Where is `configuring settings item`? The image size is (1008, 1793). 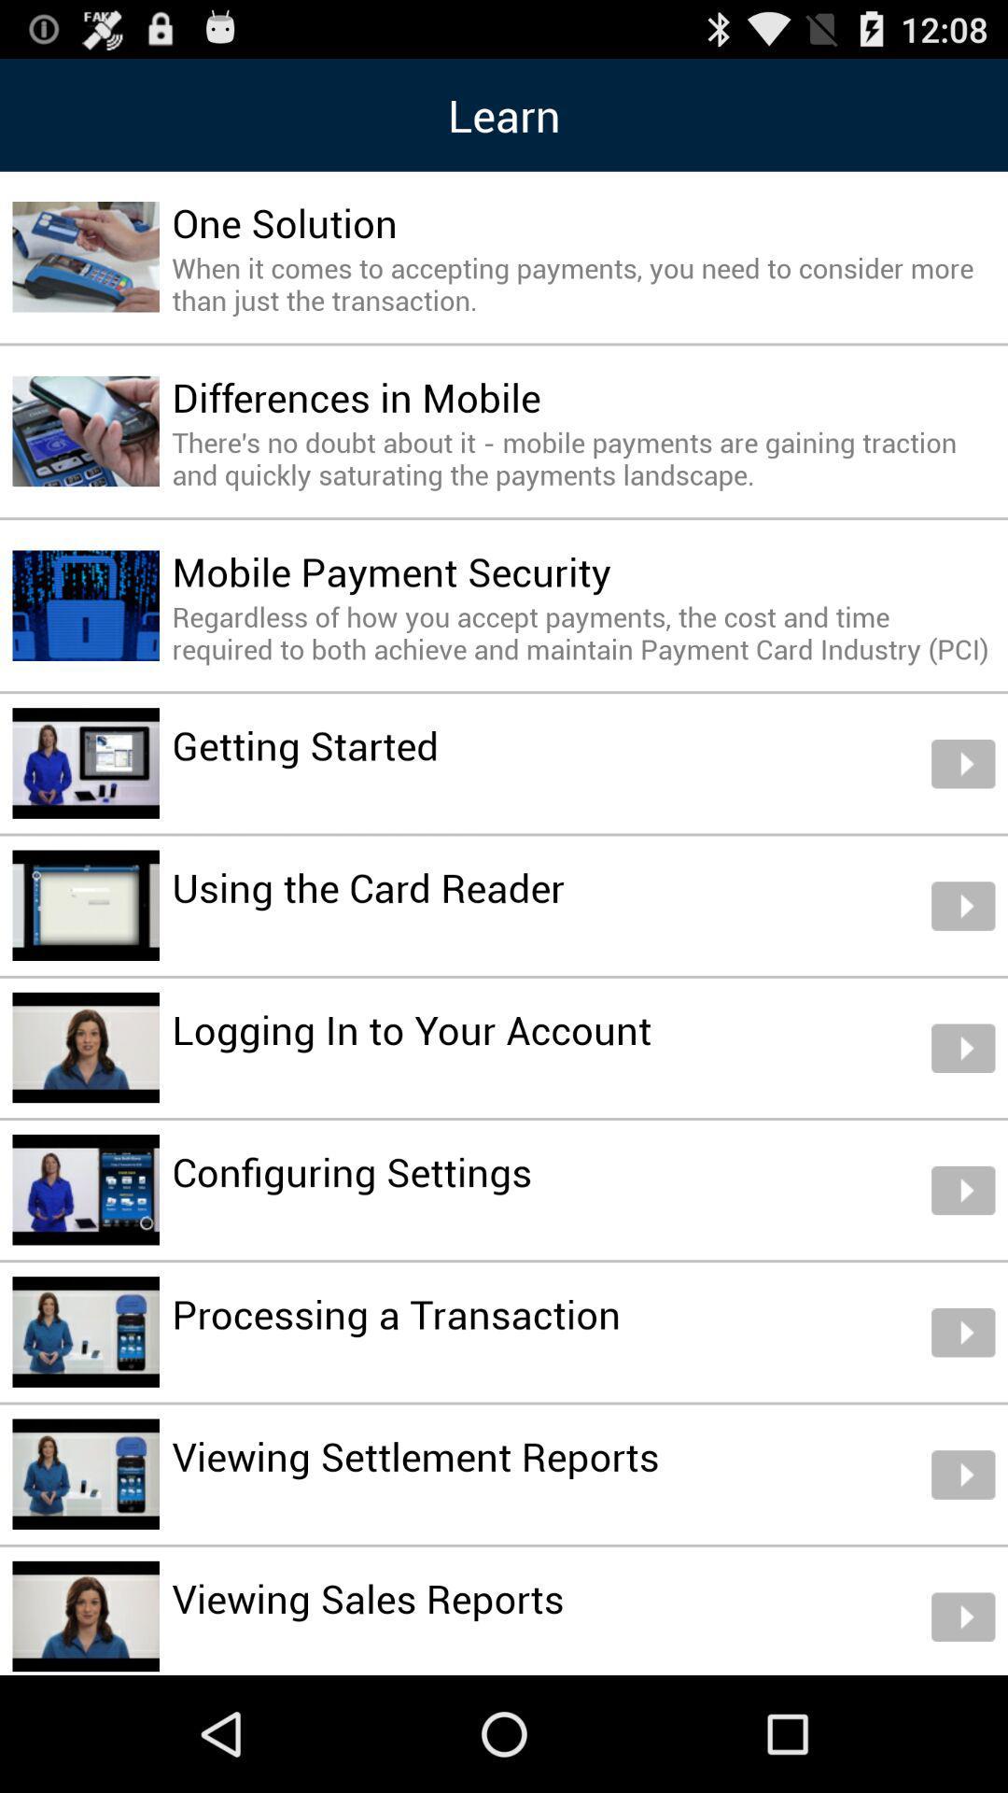 configuring settings item is located at coordinates (352, 1170).